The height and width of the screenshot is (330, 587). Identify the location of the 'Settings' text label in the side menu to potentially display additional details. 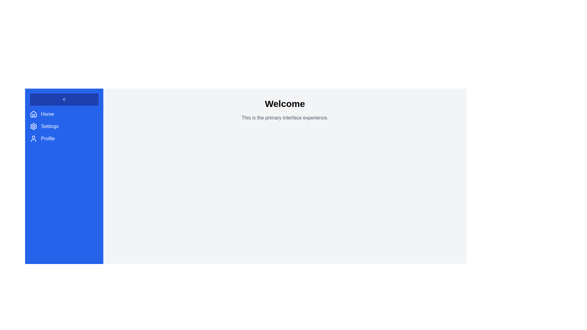
(50, 126).